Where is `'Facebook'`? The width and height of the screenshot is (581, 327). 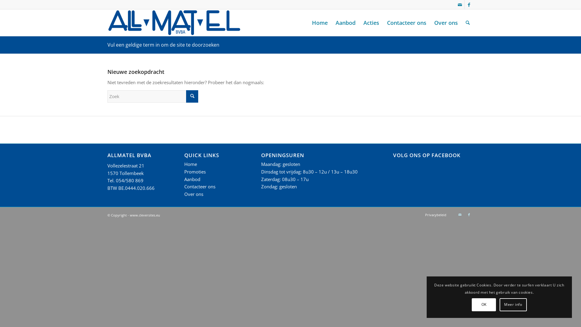
'Facebook' is located at coordinates (469, 214).